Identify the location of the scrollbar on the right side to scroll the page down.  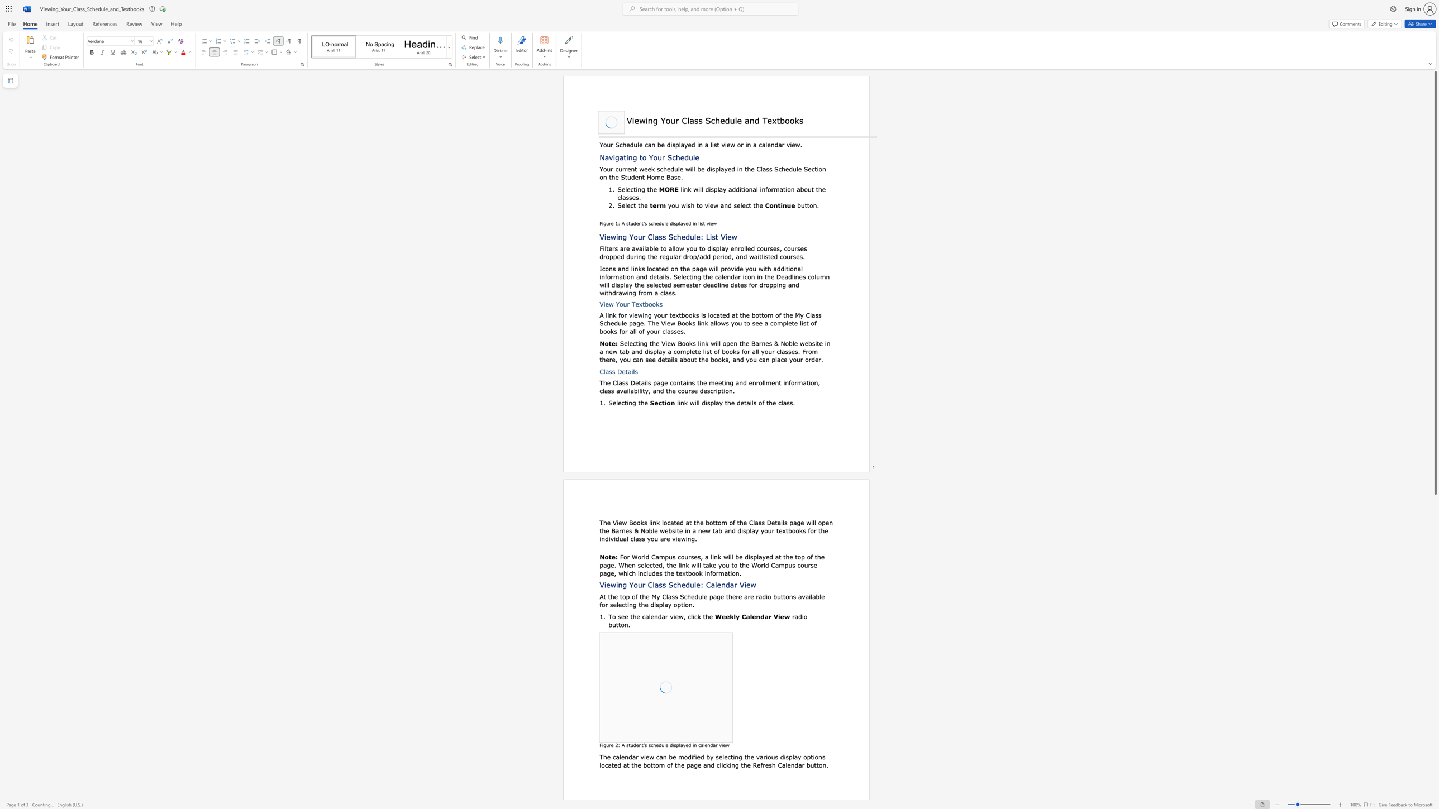
(1435, 568).